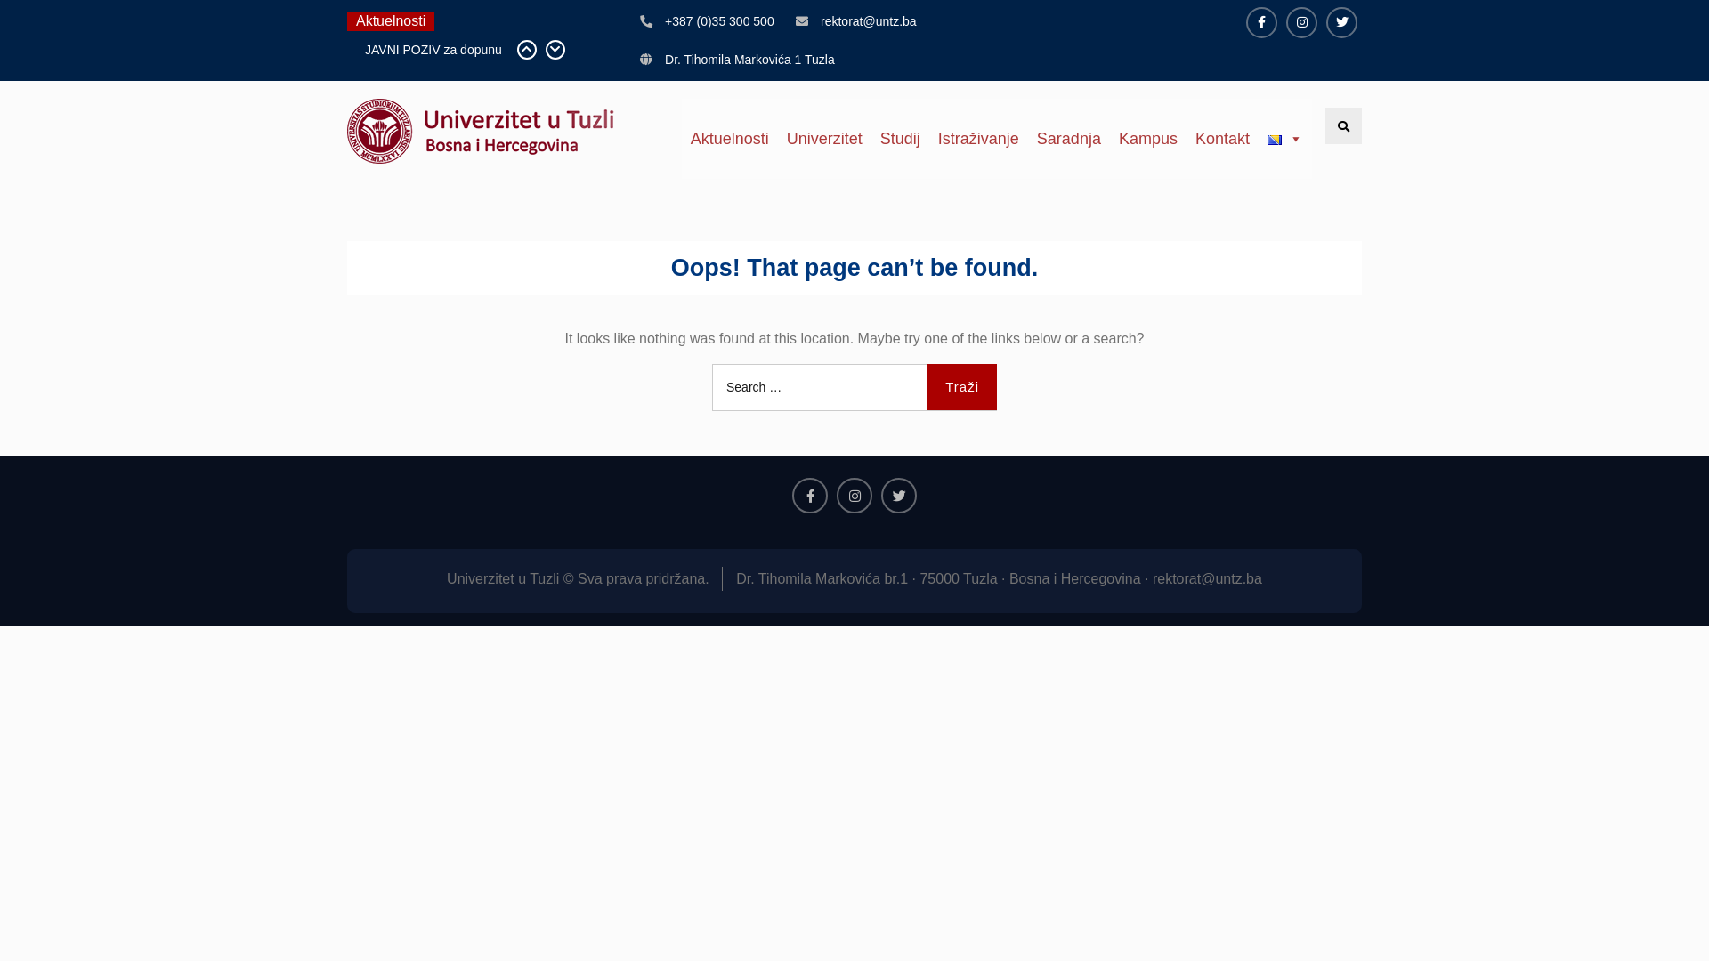 The image size is (1709, 961). What do you see at coordinates (854, 495) in the screenshot?
I see `'Instagram'` at bounding box center [854, 495].